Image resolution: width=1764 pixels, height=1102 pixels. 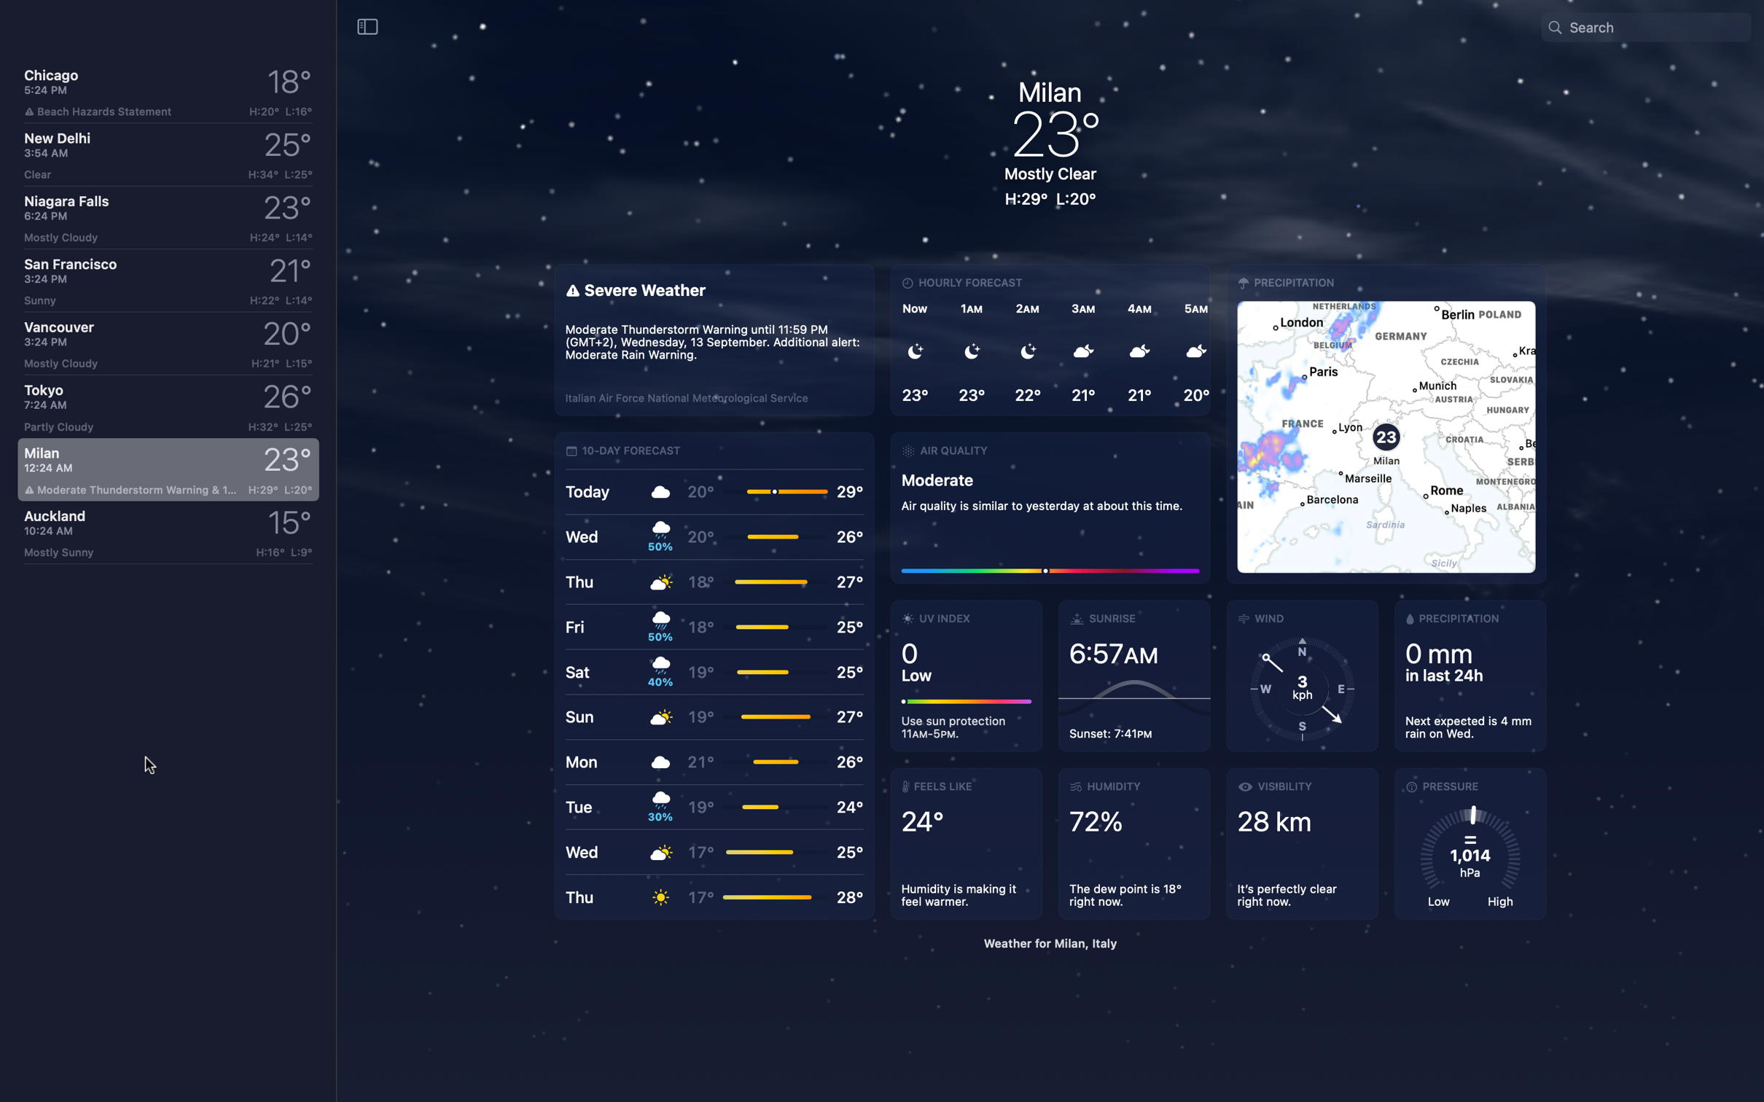 I want to click on View weather in New Delhi, so click(x=167, y=155).